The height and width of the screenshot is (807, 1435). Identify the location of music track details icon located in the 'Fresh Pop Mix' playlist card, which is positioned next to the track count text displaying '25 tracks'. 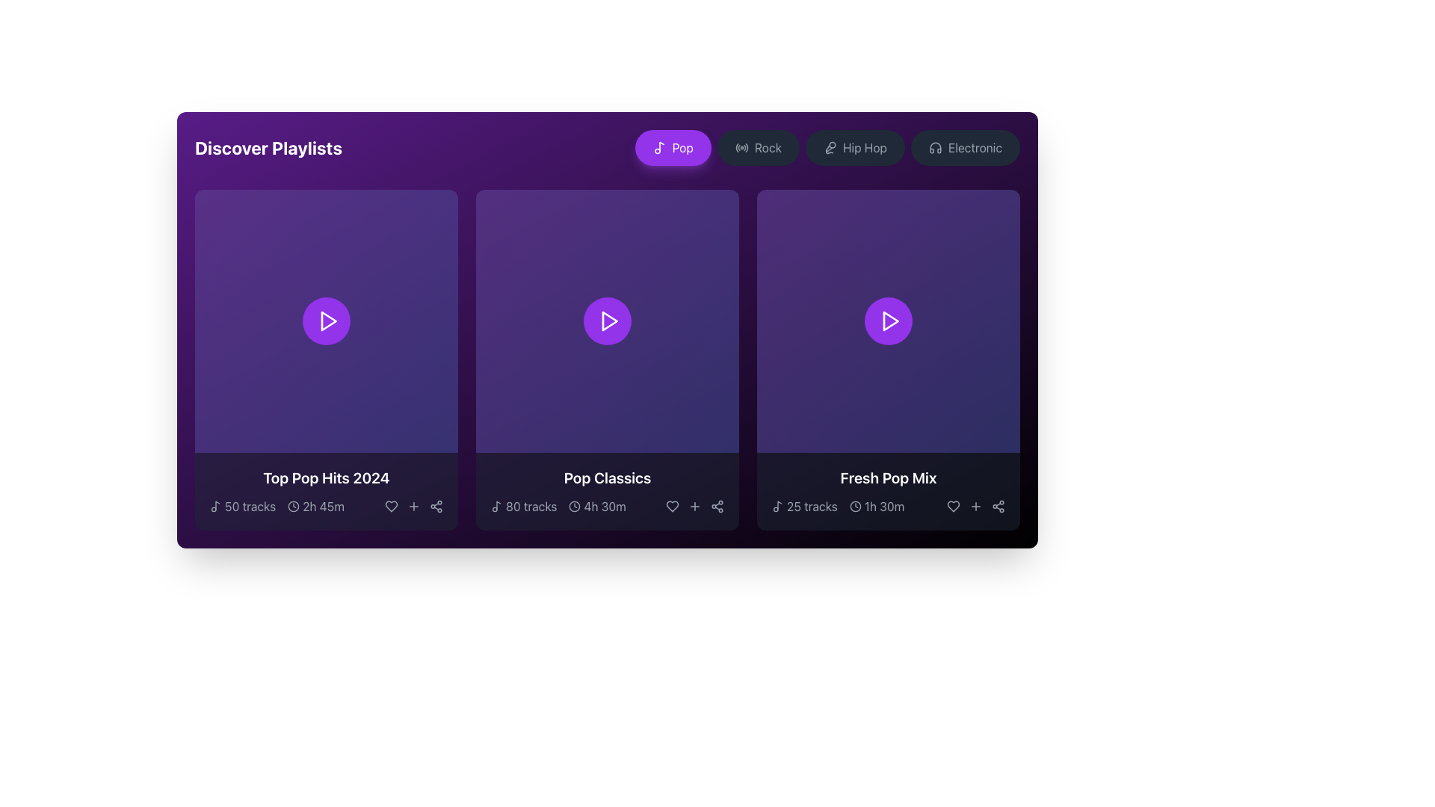
(777, 506).